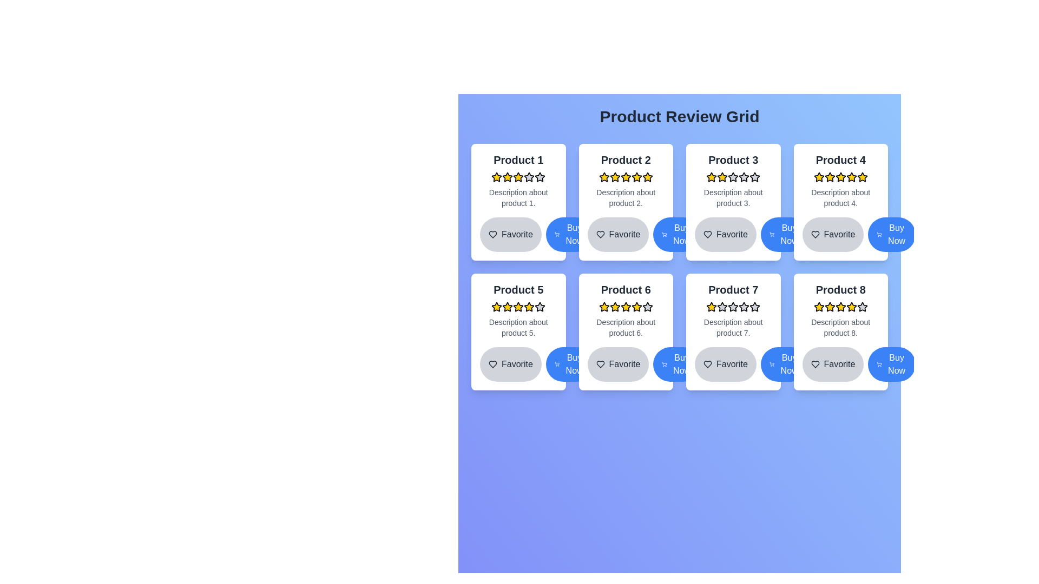 This screenshot has width=1039, height=584. I want to click on the 'Buy Now' button located at the bottom-right corner of the card for 'Product 7' to observe the hover effect, so click(784, 364).